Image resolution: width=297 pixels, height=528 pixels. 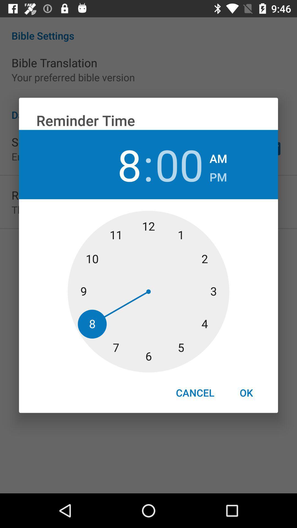 What do you see at coordinates (218, 175) in the screenshot?
I see `the icon below am` at bounding box center [218, 175].